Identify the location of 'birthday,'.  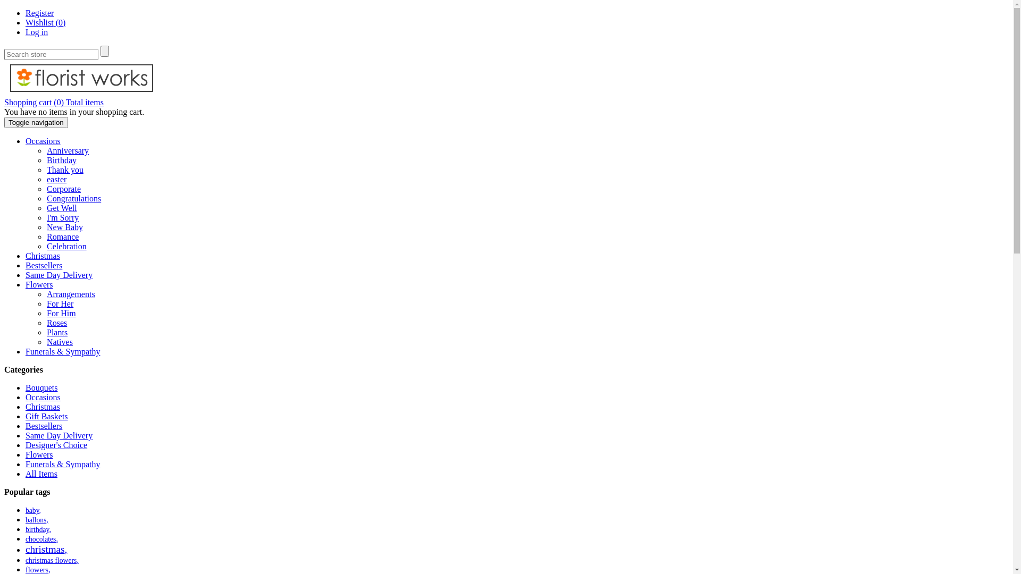
(38, 529).